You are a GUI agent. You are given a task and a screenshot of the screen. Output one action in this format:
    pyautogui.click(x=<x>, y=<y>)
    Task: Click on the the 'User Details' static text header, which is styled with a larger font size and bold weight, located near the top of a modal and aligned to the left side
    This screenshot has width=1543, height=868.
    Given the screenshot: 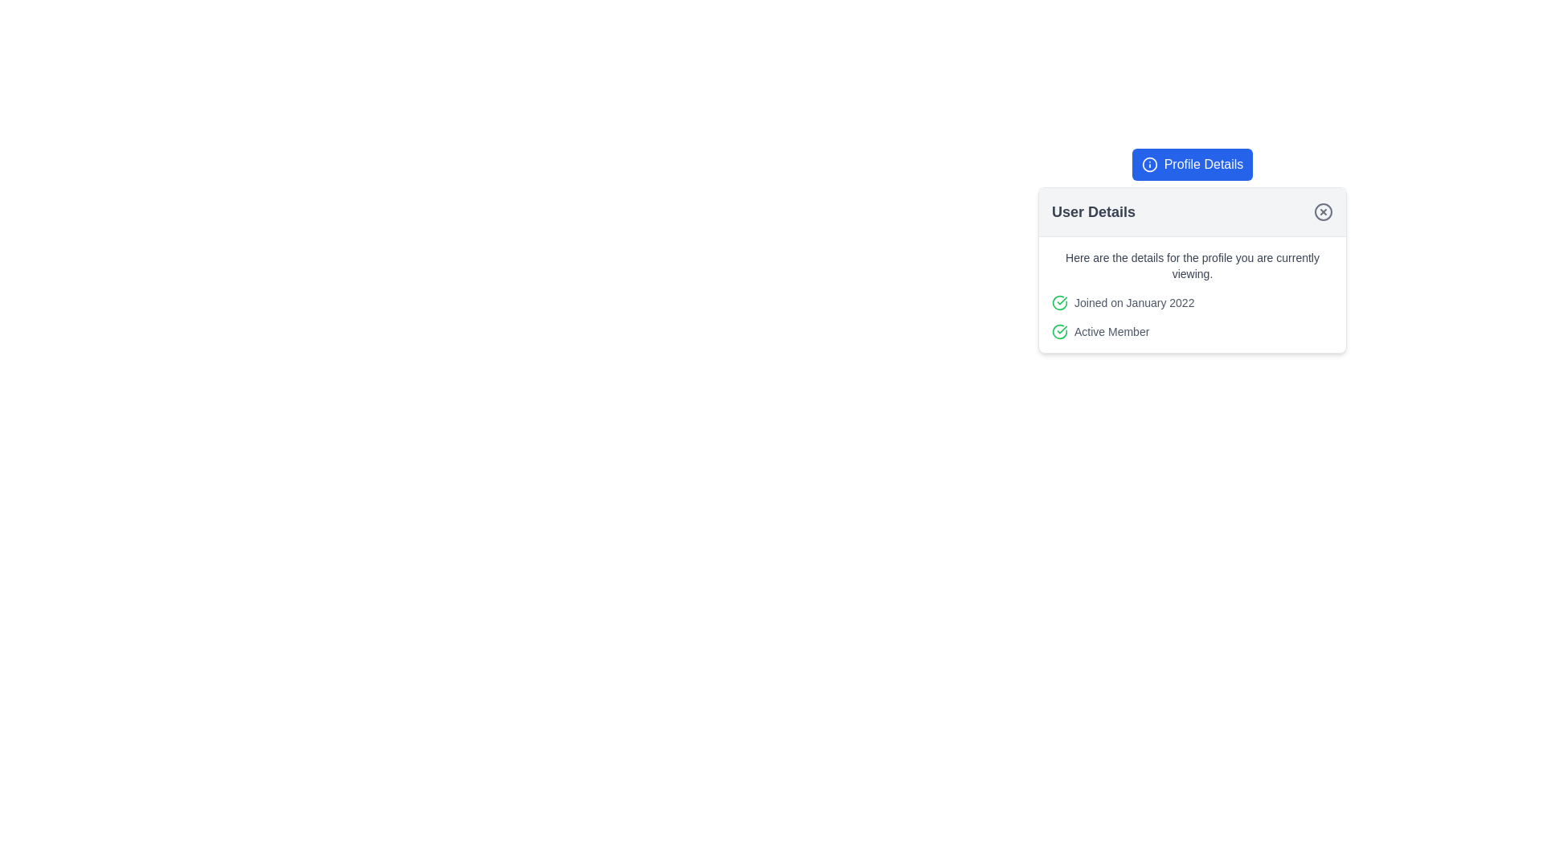 What is the action you would take?
    pyautogui.click(x=1093, y=211)
    